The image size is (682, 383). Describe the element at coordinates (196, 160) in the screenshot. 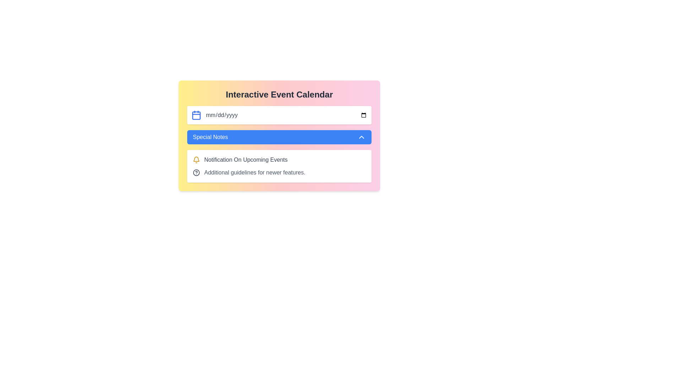

I see `the small yellow bell icon representing notification functionality, located to the left of the text 'Notification On Upcoming Events'` at that location.